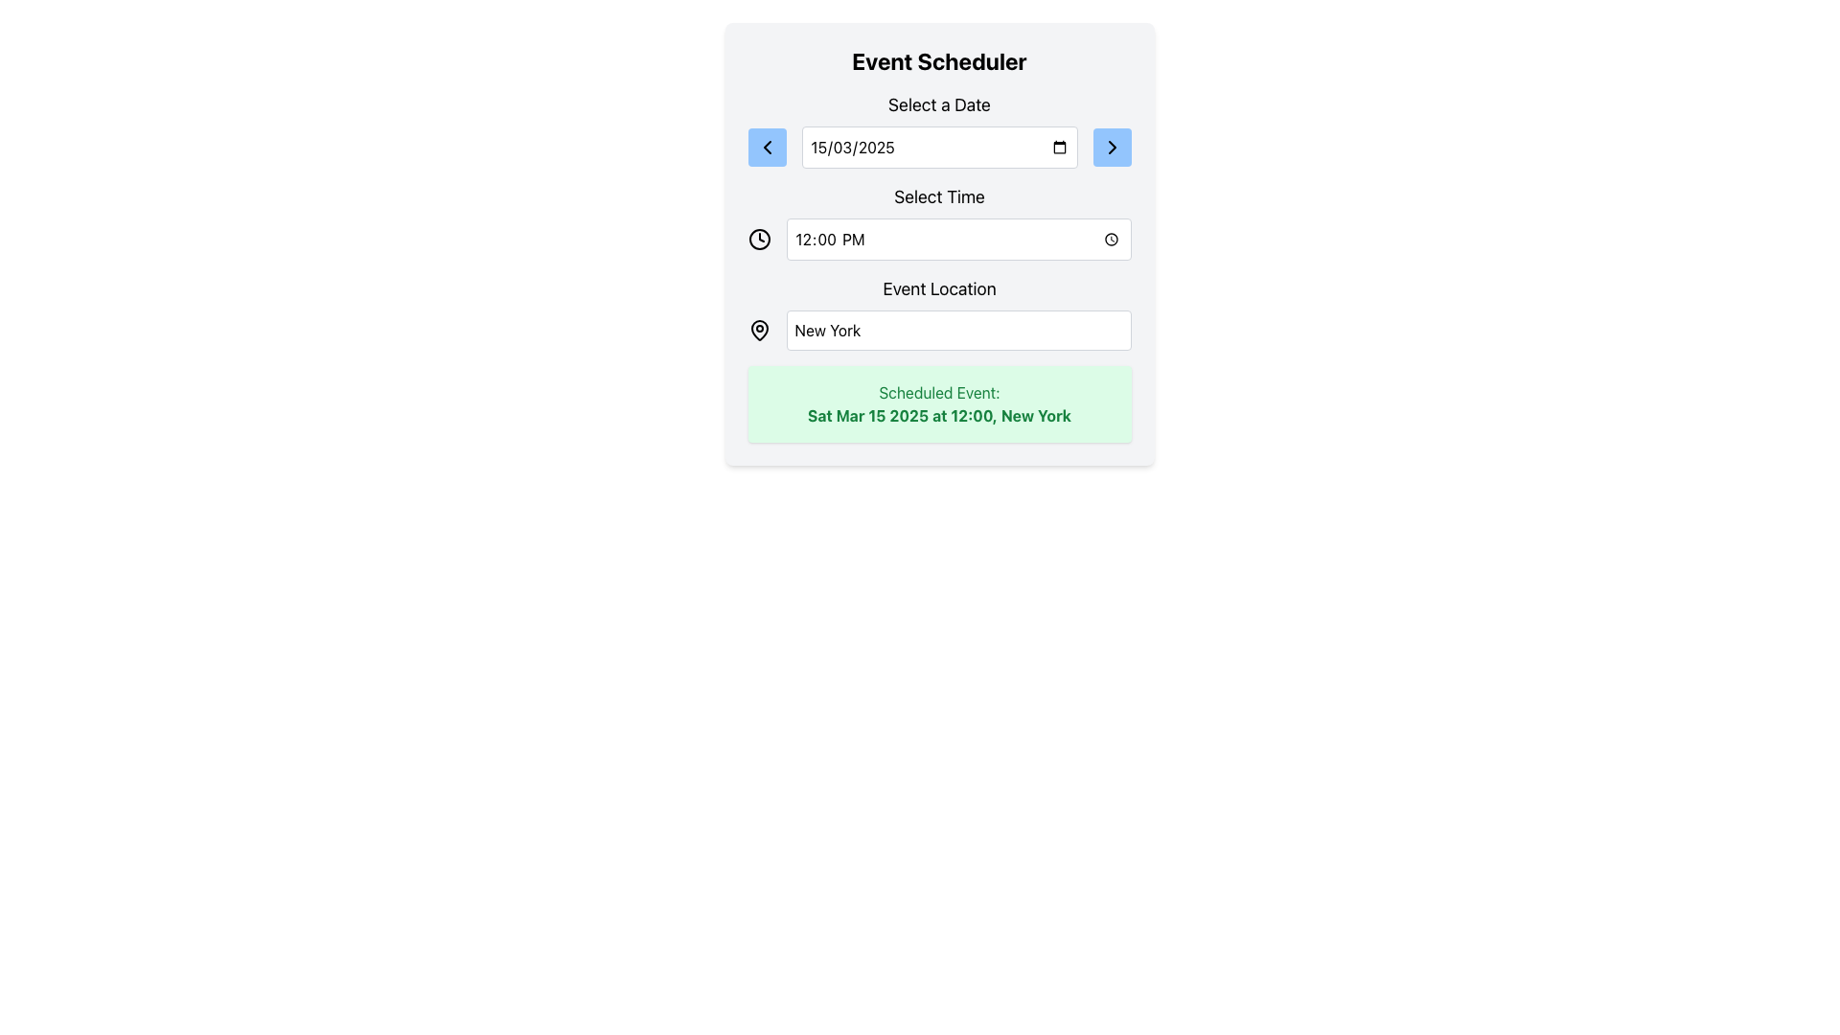 Image resolution: width=1840 pixels, height=1035 pixels. Describe the element at coordinates (939, 196) in the screenshot. I see `the 'Select Time' label, which is a bold textual label indicating where users can set the desired time in the scheduling interface` at that location.